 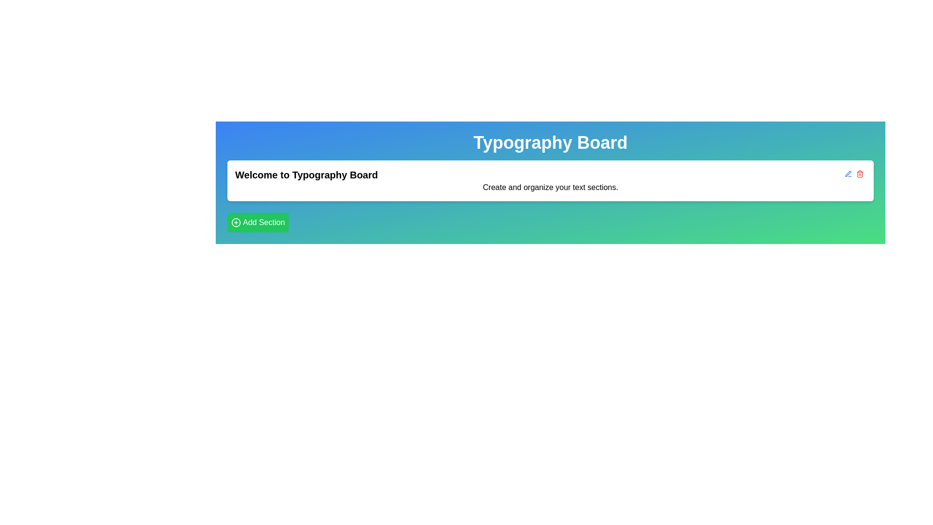 What do you see at coordinates (258, 223) in the screenshot?
I see `the green 'Add Section' button located at the bottom left corner of the 'Typography Board' card` at bounding box center [258, 223].